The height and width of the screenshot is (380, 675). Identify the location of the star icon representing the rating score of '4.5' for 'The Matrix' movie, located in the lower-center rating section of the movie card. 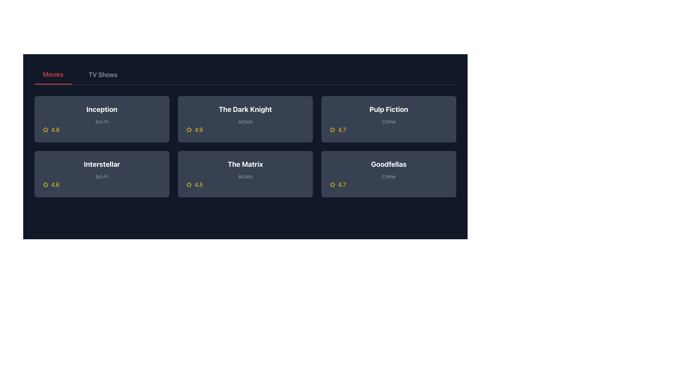
(189, 184).